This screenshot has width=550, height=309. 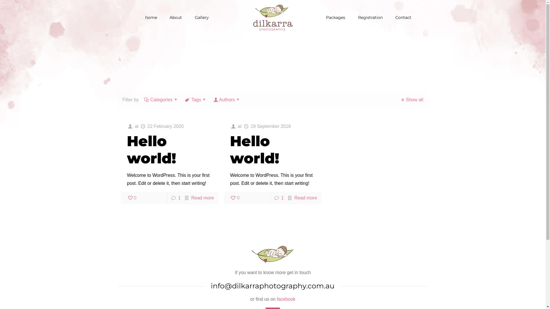 I want to click on 'Authors', so click(x=227, y=99).